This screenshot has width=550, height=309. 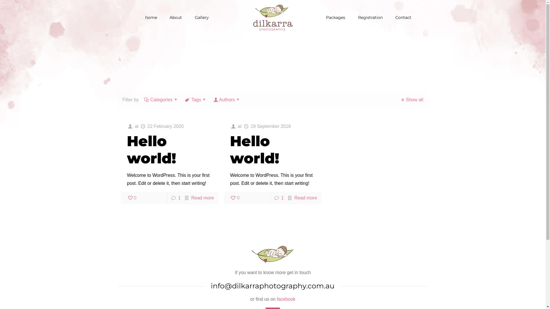 I want to click on 'Authors', so click(x=227, y=99).